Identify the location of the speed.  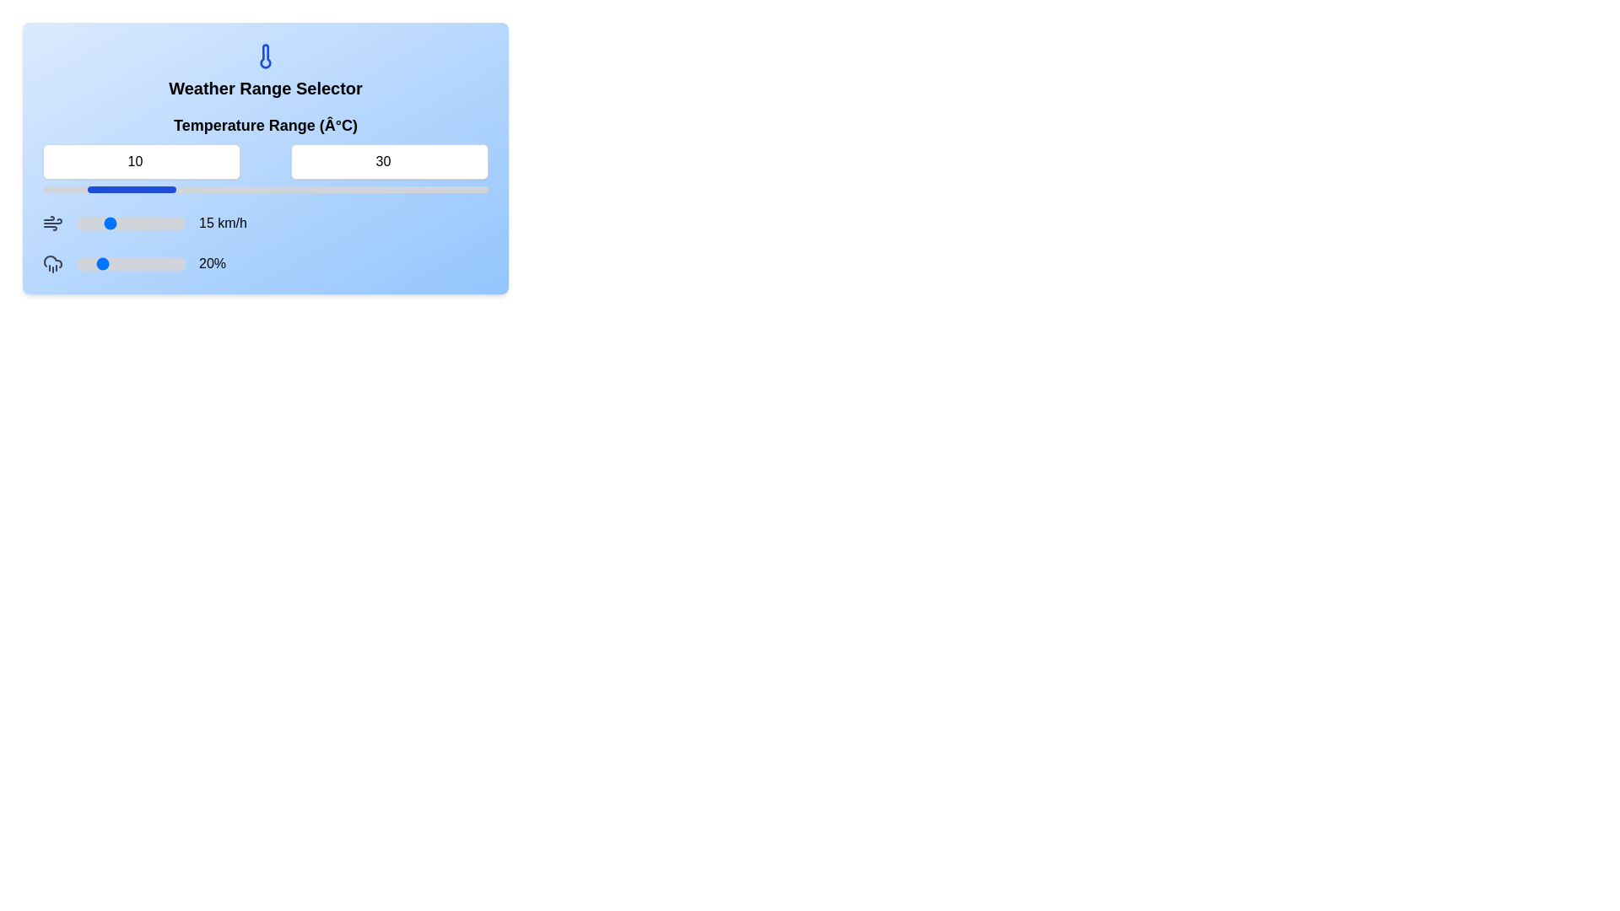
(102, 223).